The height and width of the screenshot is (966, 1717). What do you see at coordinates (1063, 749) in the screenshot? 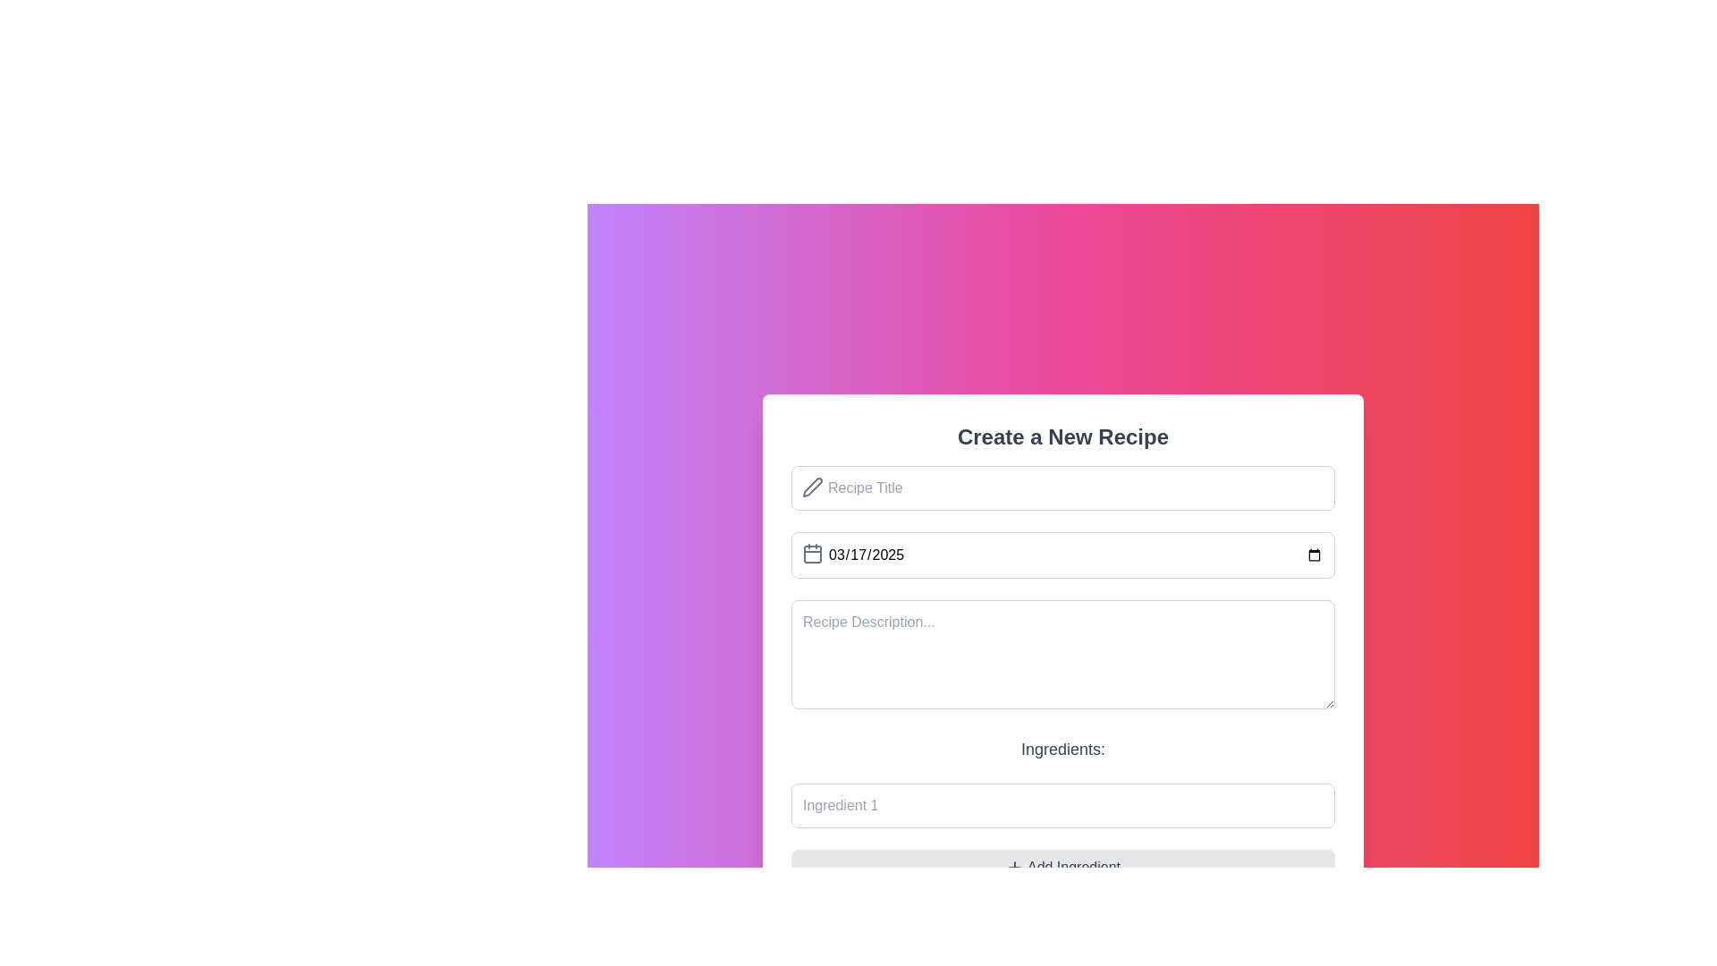
I see `the label displaying 'Ingredients:' which serves as a heading for the section managing recipe ingredients` at bounding box center [1063, 749].